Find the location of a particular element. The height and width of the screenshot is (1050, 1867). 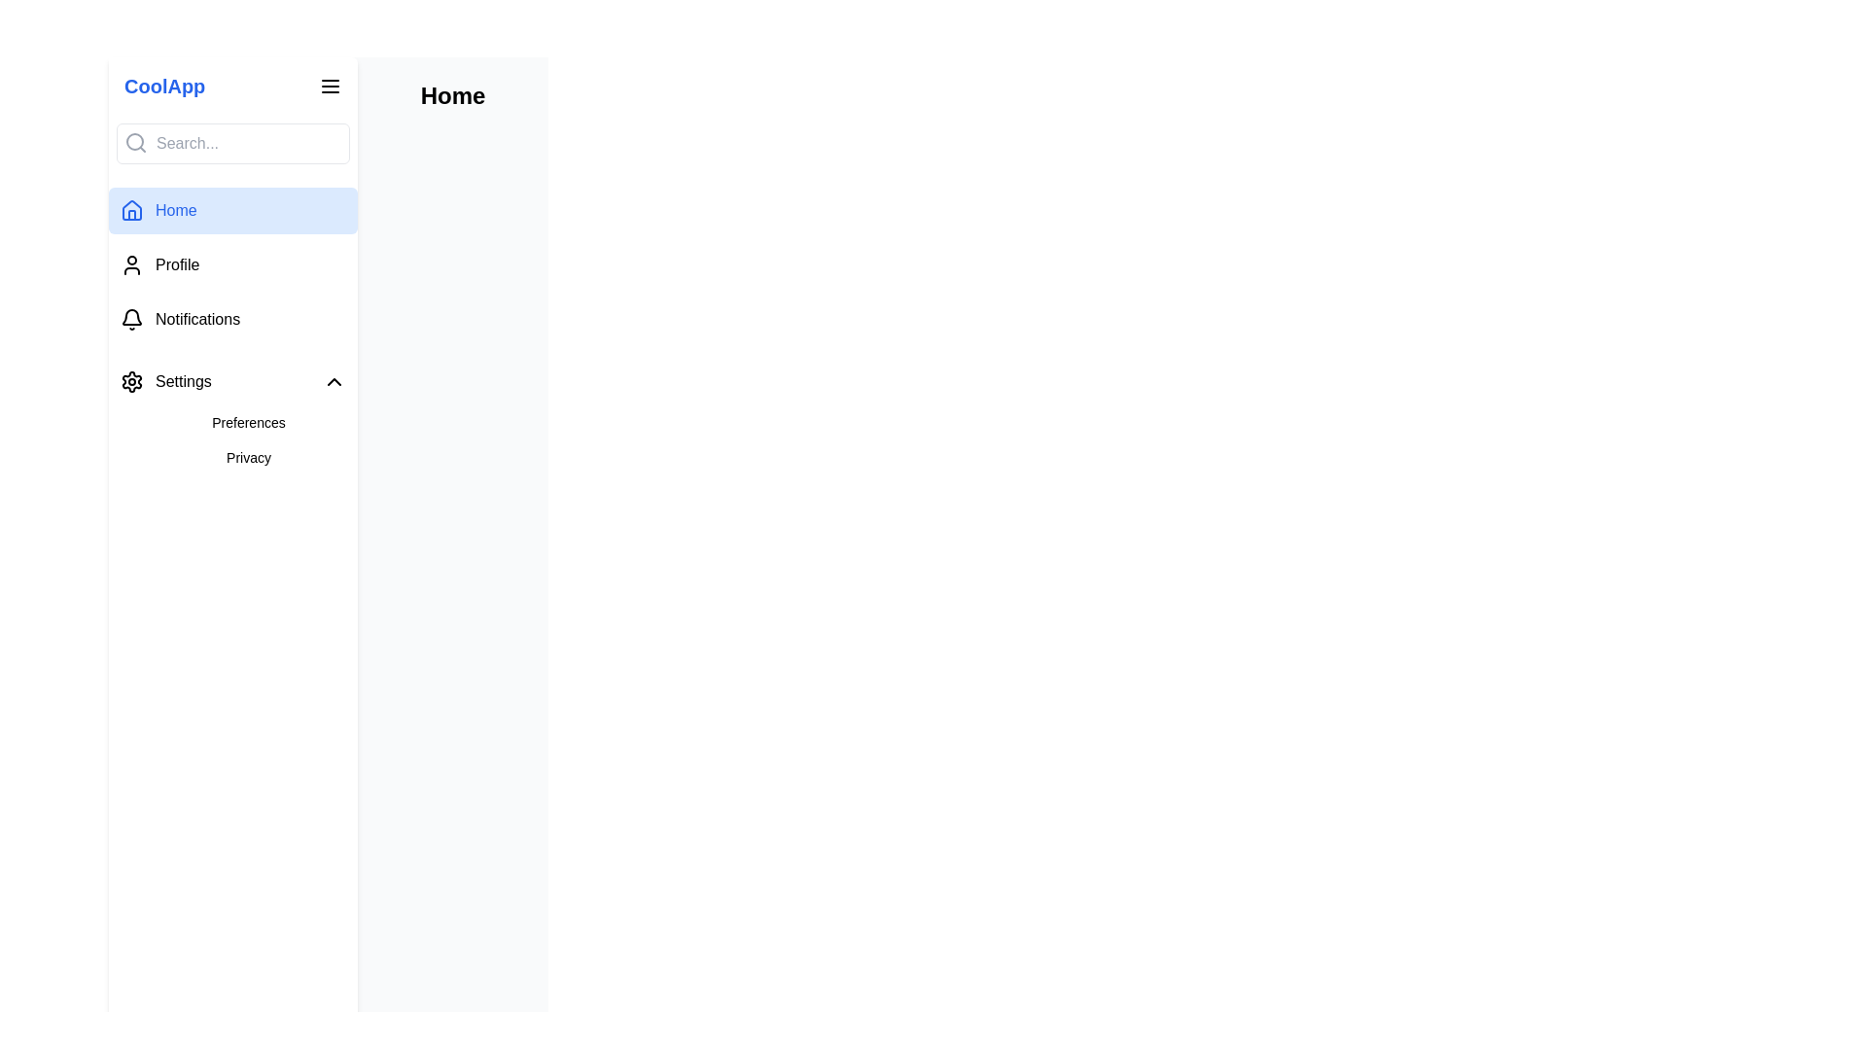

the 'Settings' menu item in the sidebar, located below 'Notifications' and above 'Preferences' and 'Privacy' is located at coordinates (165, 382).